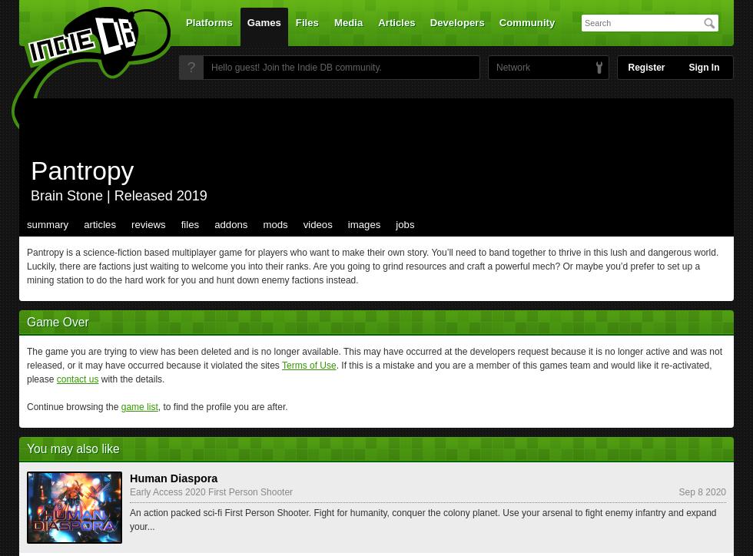 The image size is (753, 556). I want to click on 'Early Access 2020', so click(167, 491).